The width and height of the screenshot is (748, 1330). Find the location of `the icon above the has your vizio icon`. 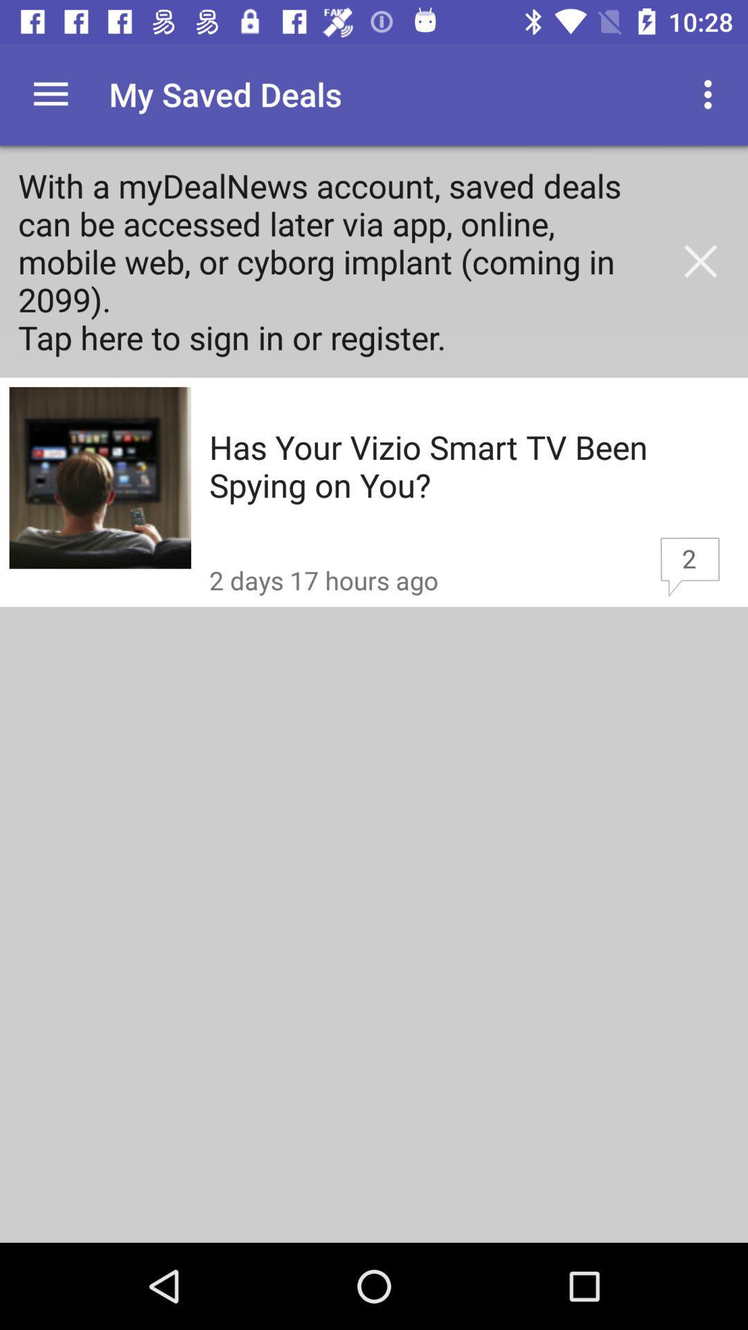

the icon above the has your vizio icon is located at coordinates (700, 261).